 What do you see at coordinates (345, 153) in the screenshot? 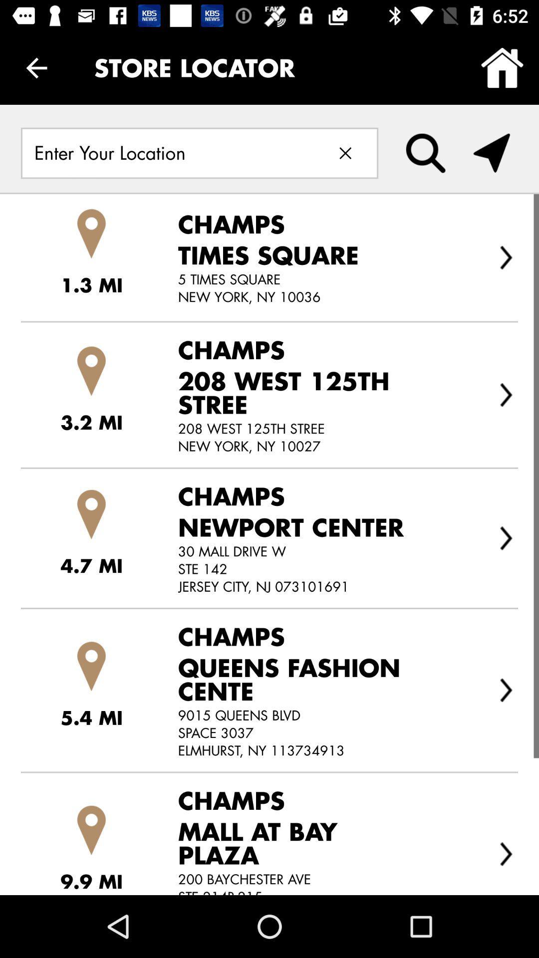
I see `clears your location search` at bounding box center [345, 153].